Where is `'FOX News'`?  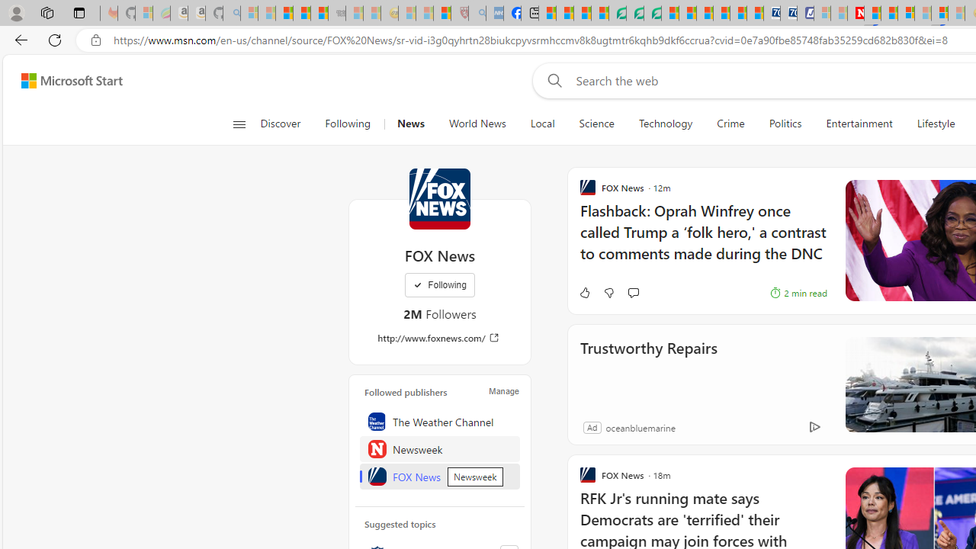 'FOX News' is located at coordinates (439, 475).